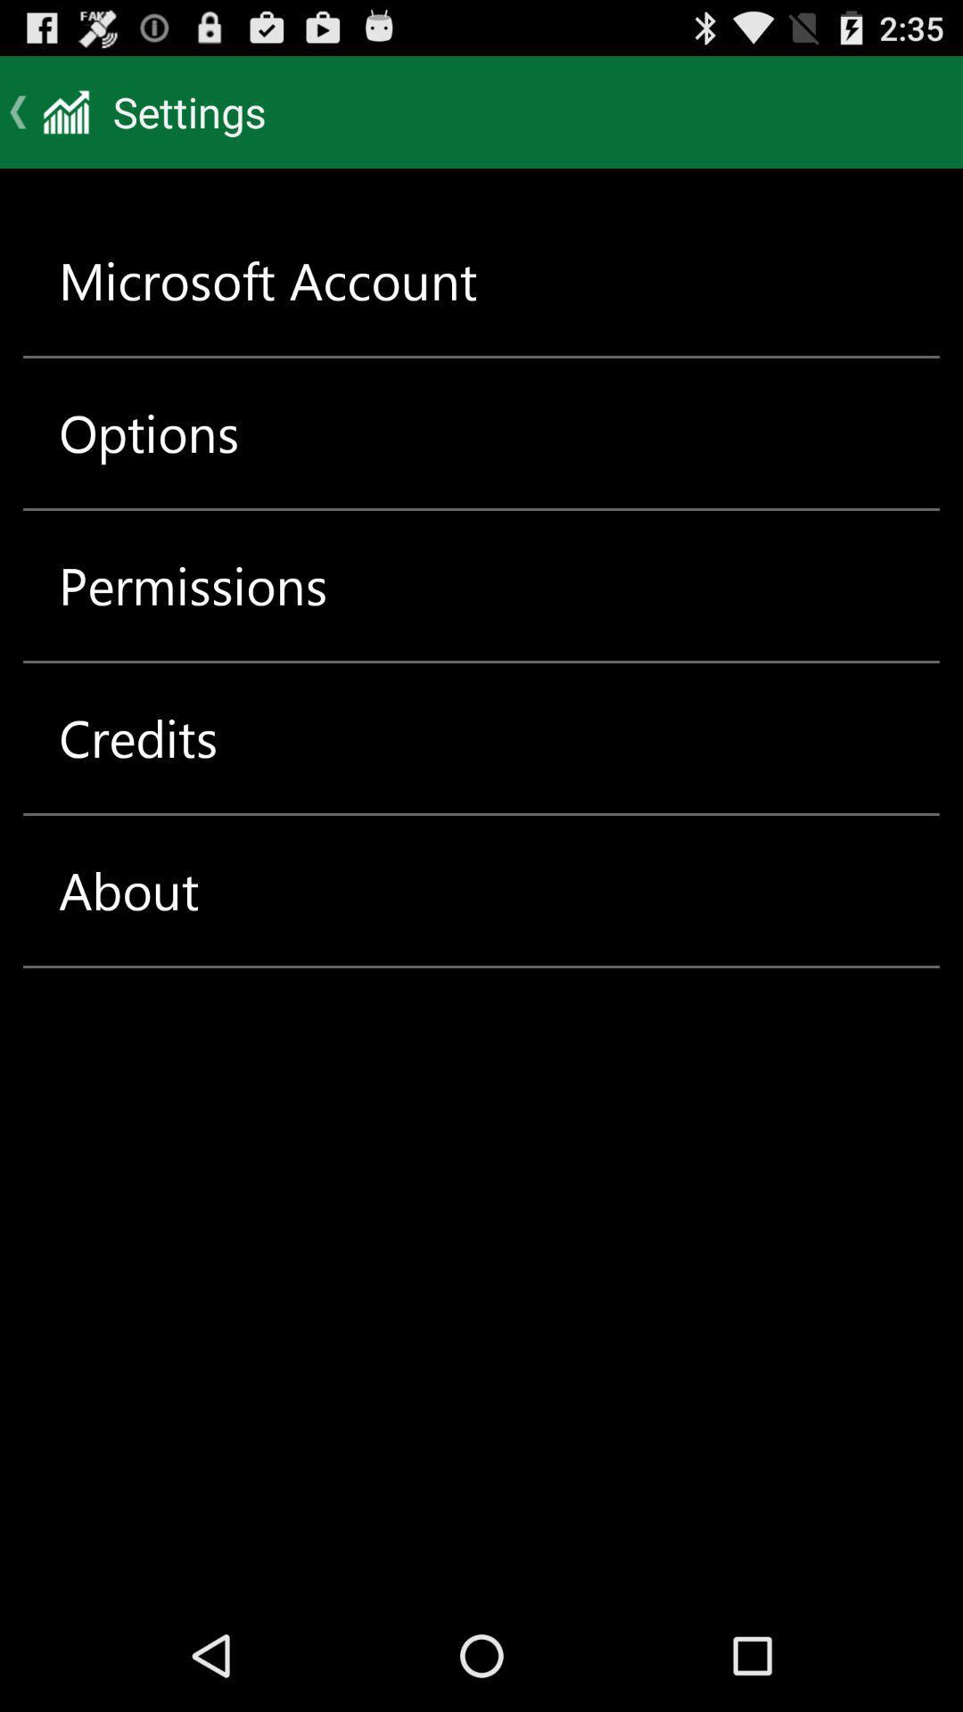  Describe the element at coordinates (128, 890) in the screenshot. I see `item below the credits` at that location.